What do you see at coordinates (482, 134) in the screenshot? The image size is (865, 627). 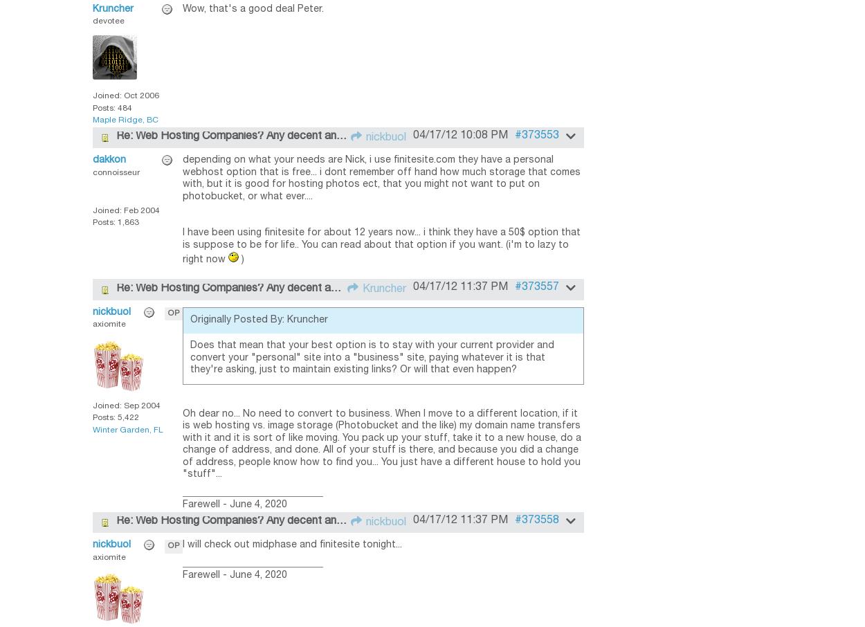 I see `'10:08 PM'` at bounding box center [482, 134].